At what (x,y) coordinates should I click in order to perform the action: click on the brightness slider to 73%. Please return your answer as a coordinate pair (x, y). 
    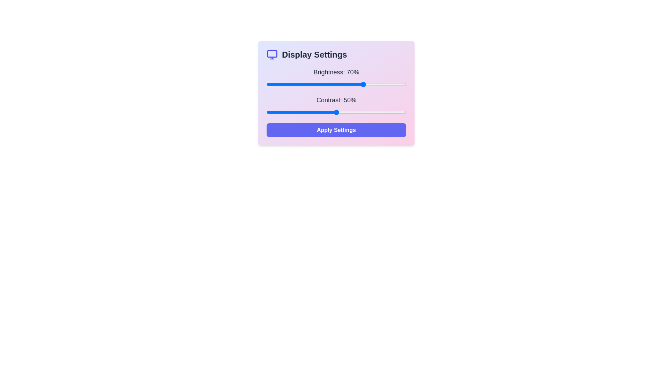
    Looking at the image, I should click on (368, 84).